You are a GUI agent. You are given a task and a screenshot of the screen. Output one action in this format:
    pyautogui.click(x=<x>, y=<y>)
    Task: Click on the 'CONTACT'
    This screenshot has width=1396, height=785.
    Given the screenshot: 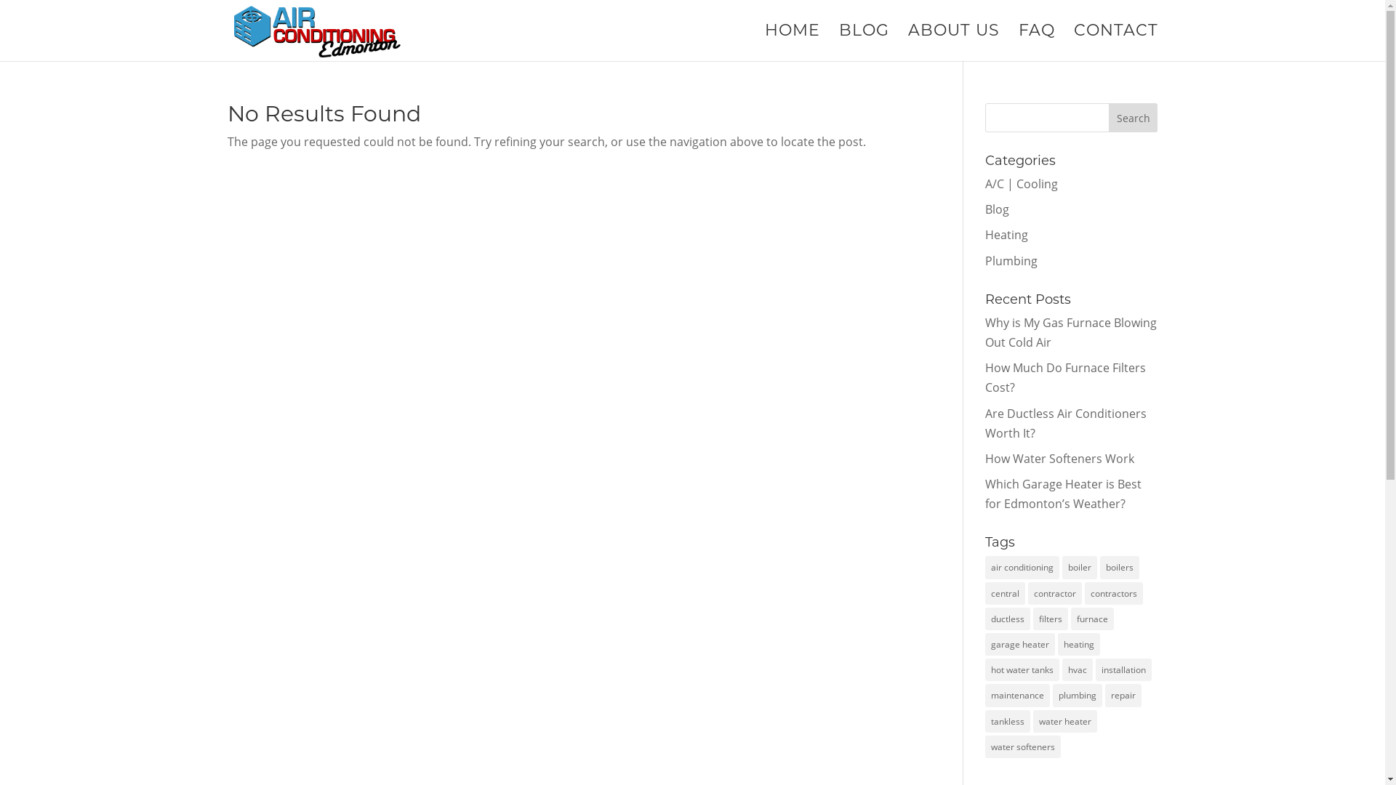 What is the action you would take?
    pyautogui.click(x=1073, y=42)
    